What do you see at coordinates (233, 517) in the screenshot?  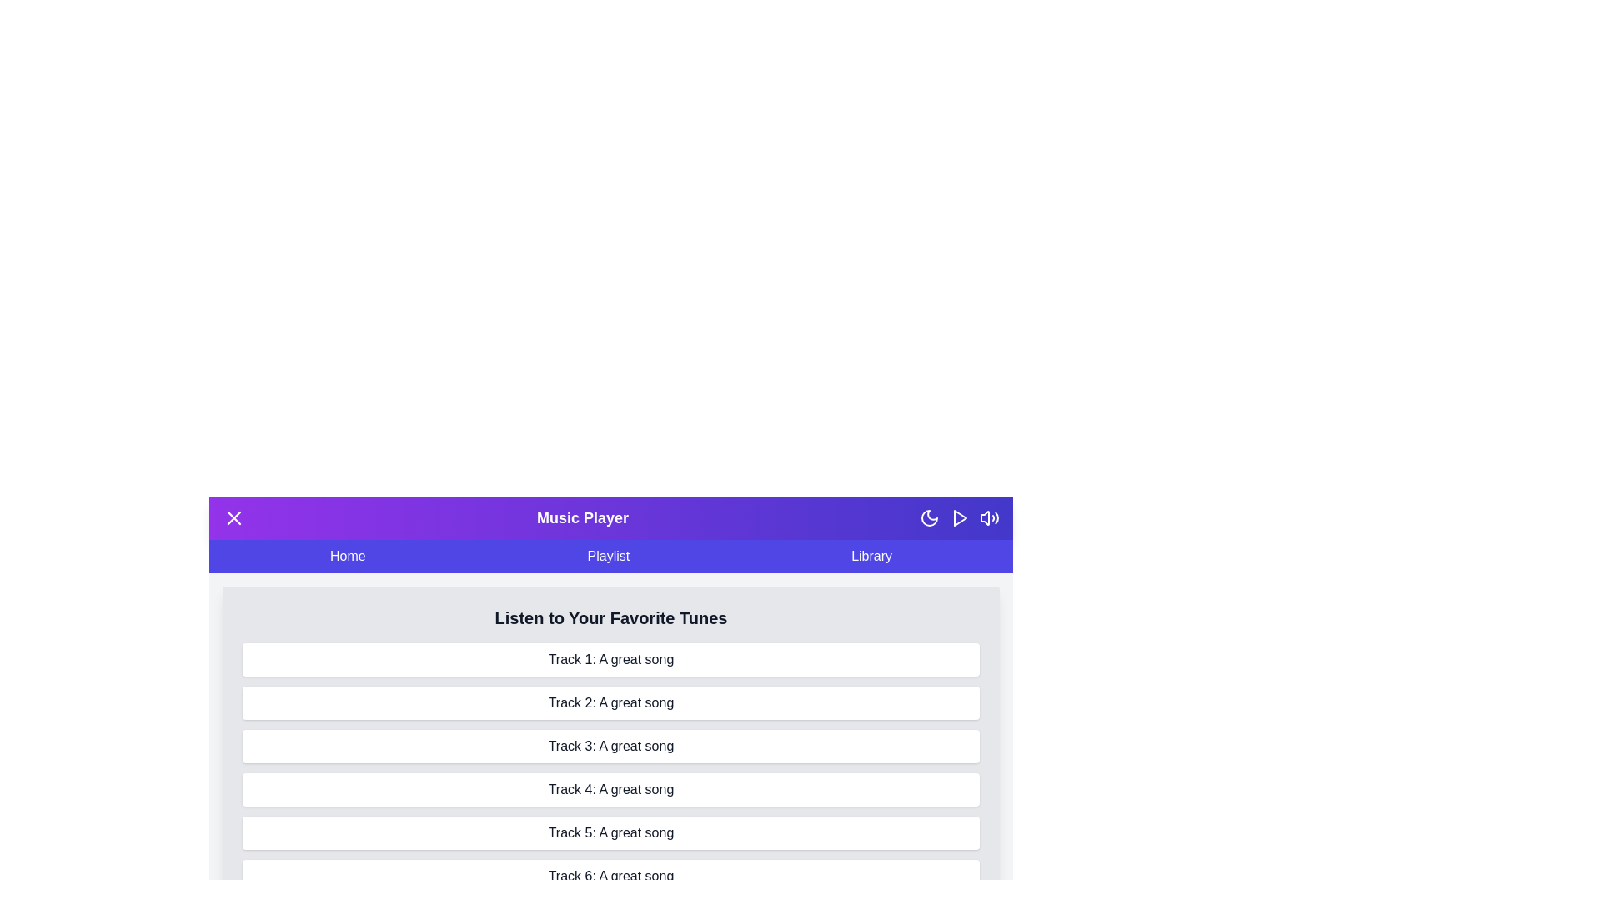 I see `the menu button to toggle the menu state` at bounding box center [233, 517].